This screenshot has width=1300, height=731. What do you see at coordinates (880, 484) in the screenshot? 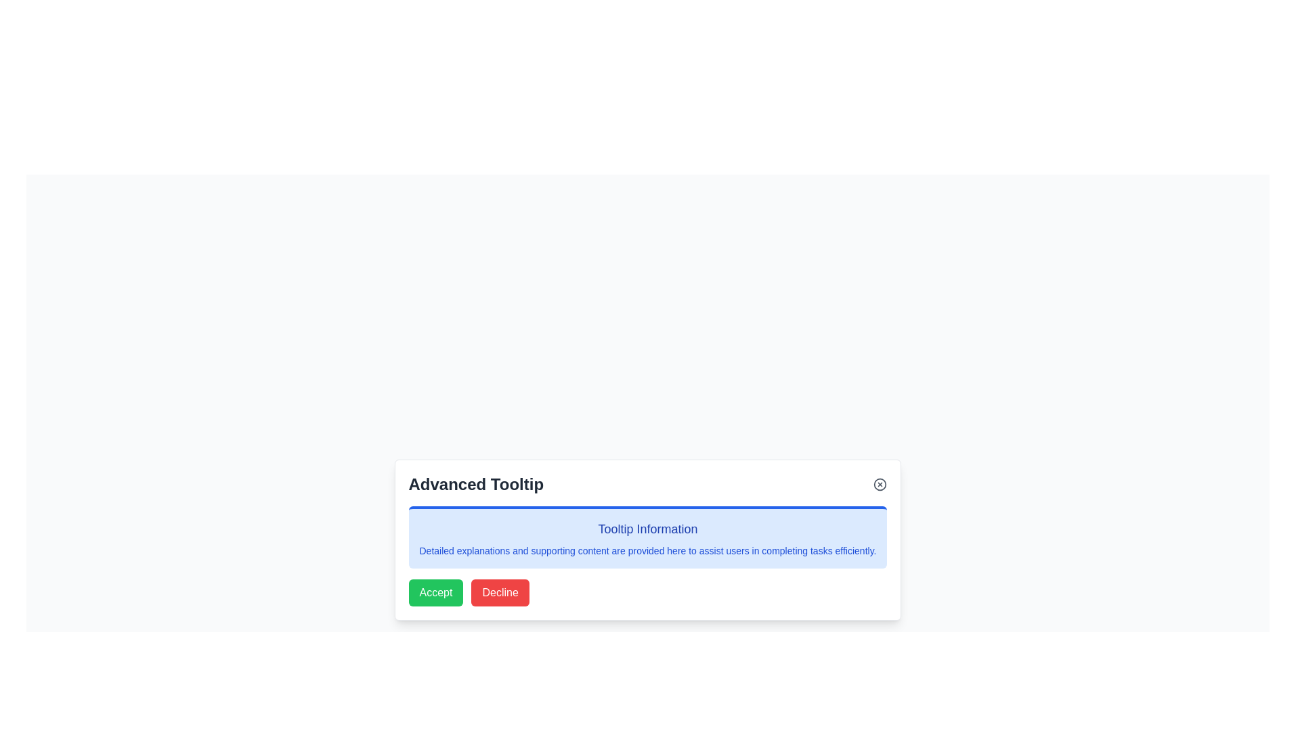
I see `the SVG Circle located in the top-right corner of the tooltip modal that is part of the close button icon` at bounding box center [880, 484].